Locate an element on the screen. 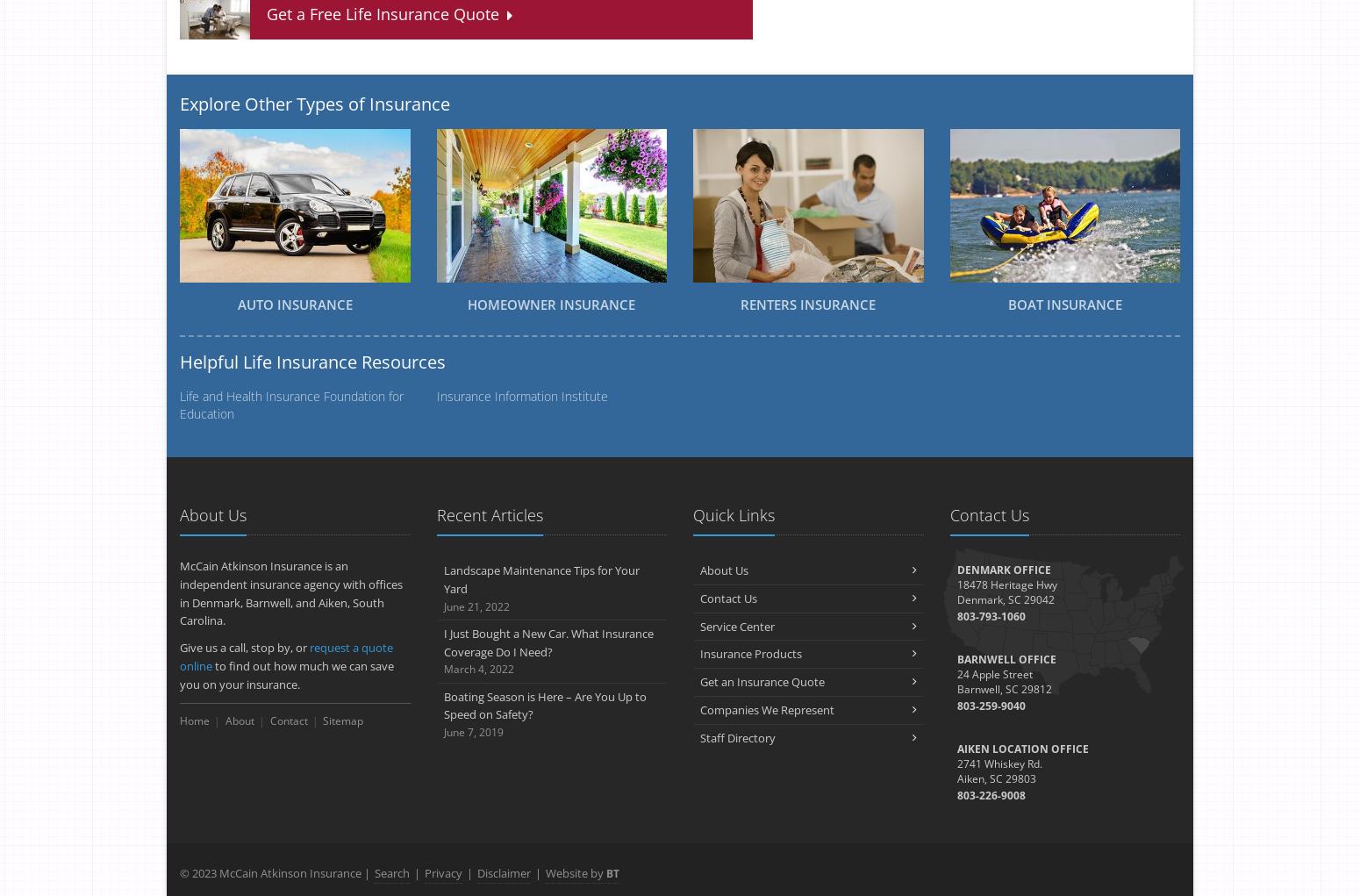 The height and width of the screenshot is (896, 1360). 'Boat Insurance' is located at coordinates (1064, 304).